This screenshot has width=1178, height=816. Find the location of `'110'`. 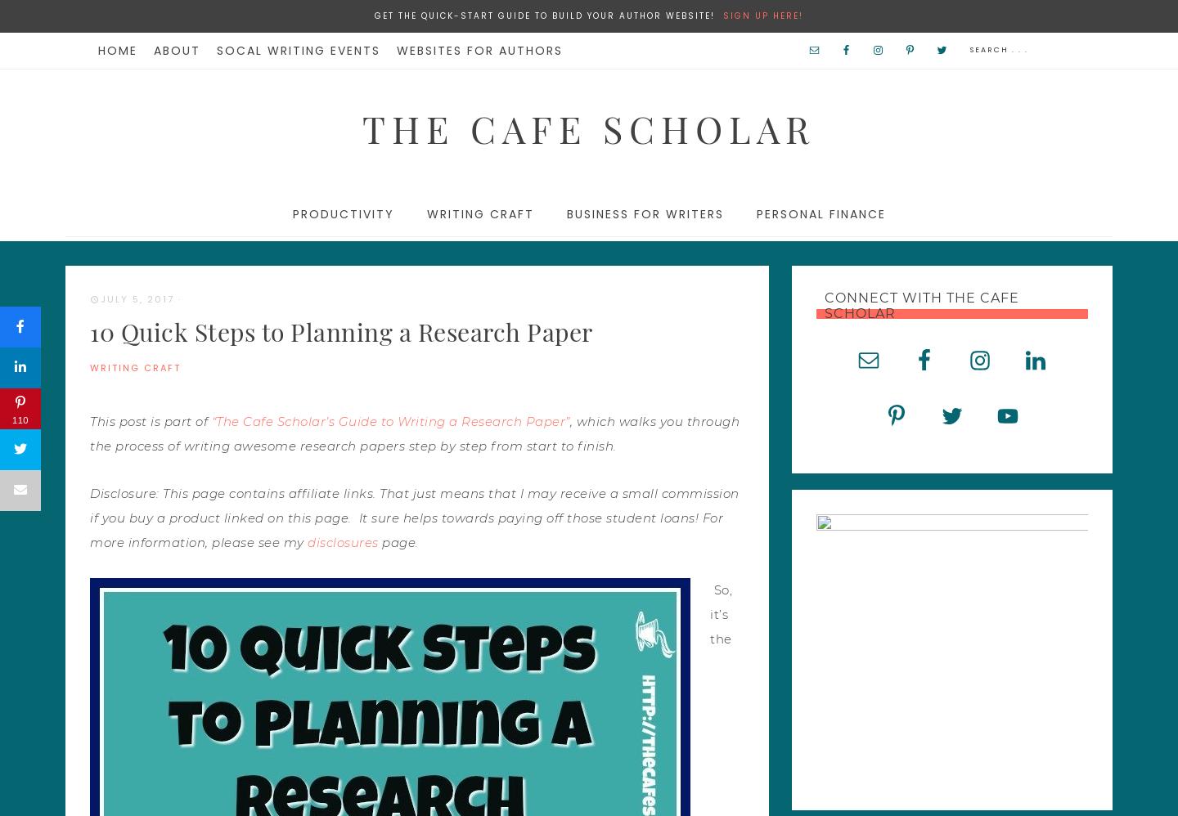

'110' is located at coordinates (19, 419).